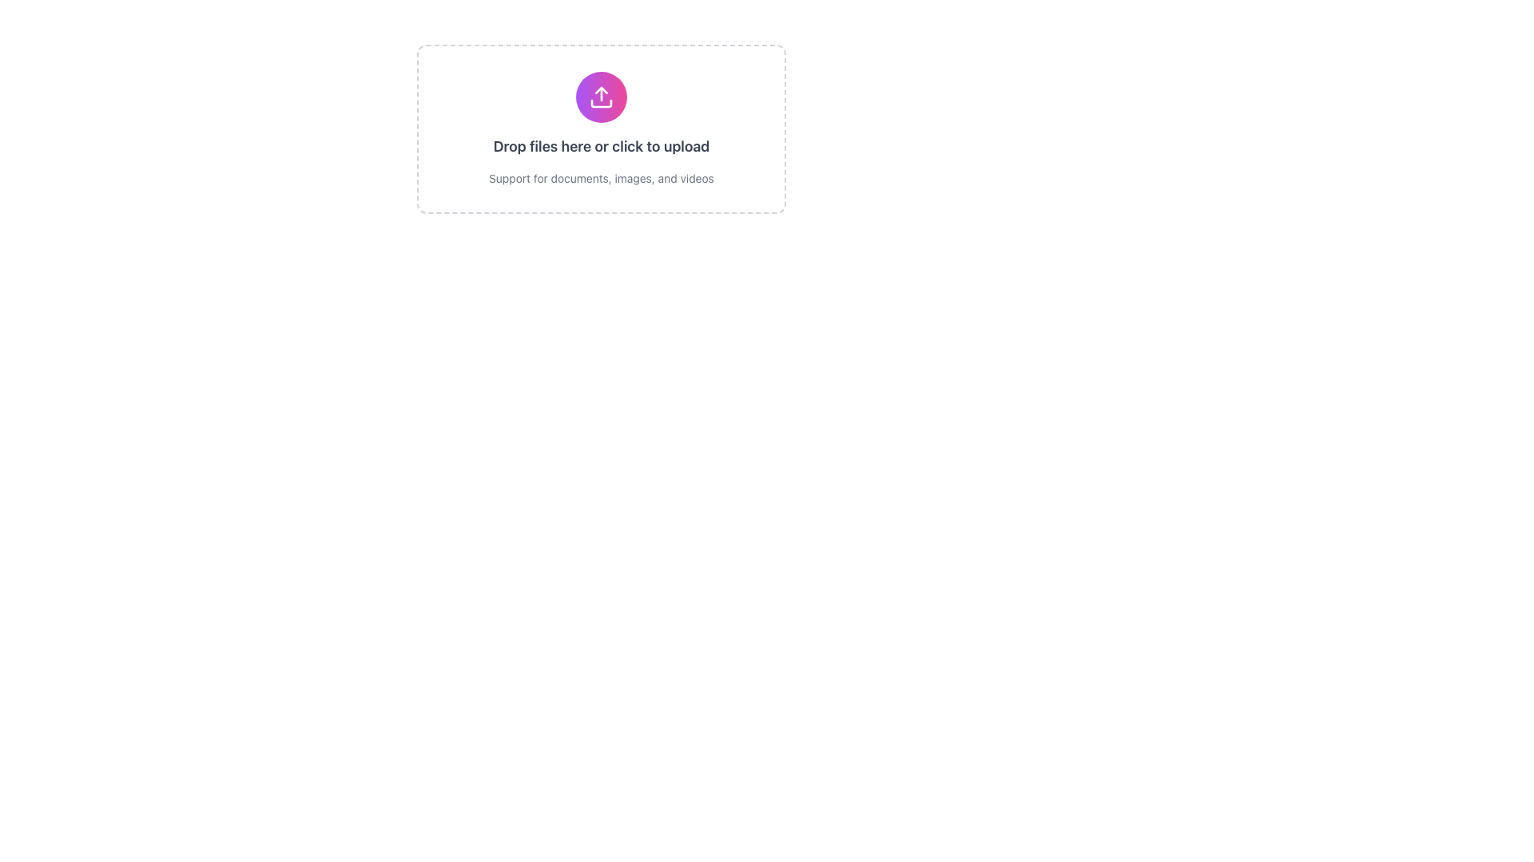  Describe the element at coordinates (601, 178) in the screenshot. I see `the descriptive text label that provides information about supported file types for uploading, positioned directly underneath the text 'Drop files here or click to upload.'` at that location.